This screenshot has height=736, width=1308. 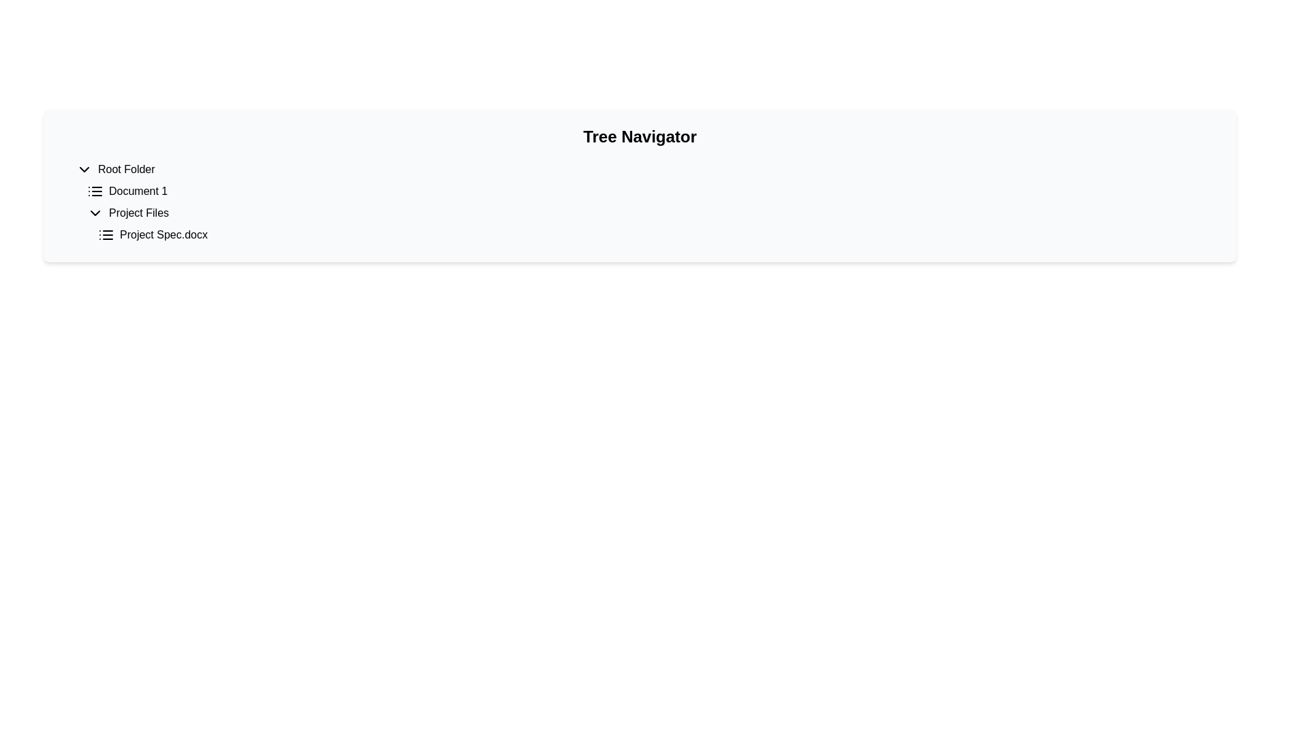 What do you see at coordinates (126, 169) in the screenshot?
I see `the 'Root Folder' text label in the tree navigation structure` at bounding box center [126, 169].